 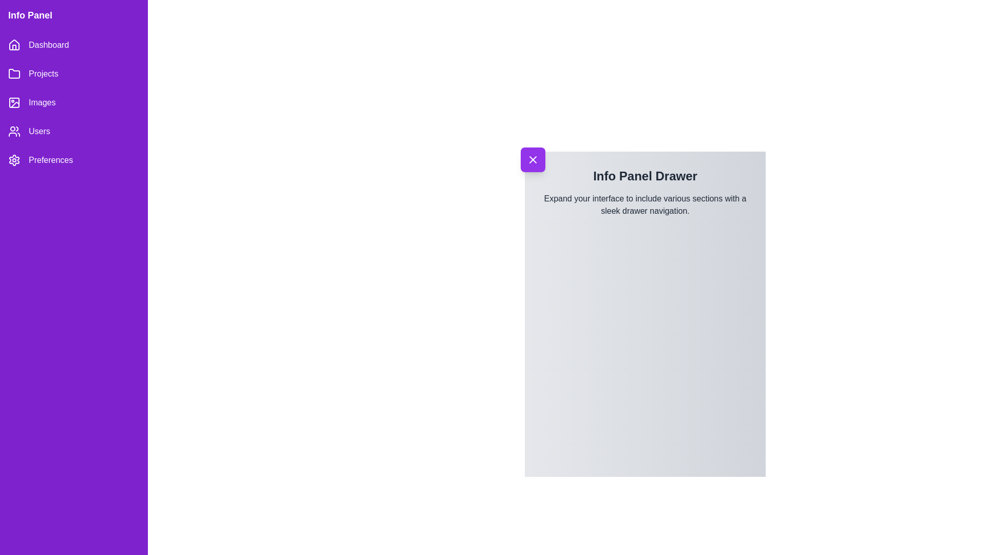 What do you see at coordinates (73, 131) in the screenshot?
I see `the menu item Users to observe its hover effect` at bounding box center [73, 131].